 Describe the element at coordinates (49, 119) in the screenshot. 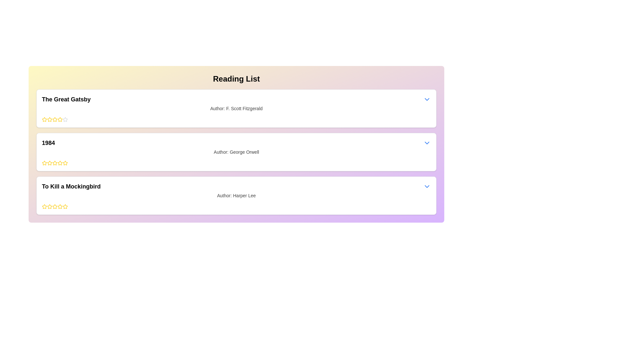

I see `the first rating star icon for 'The Great Gatsby'` at that location.